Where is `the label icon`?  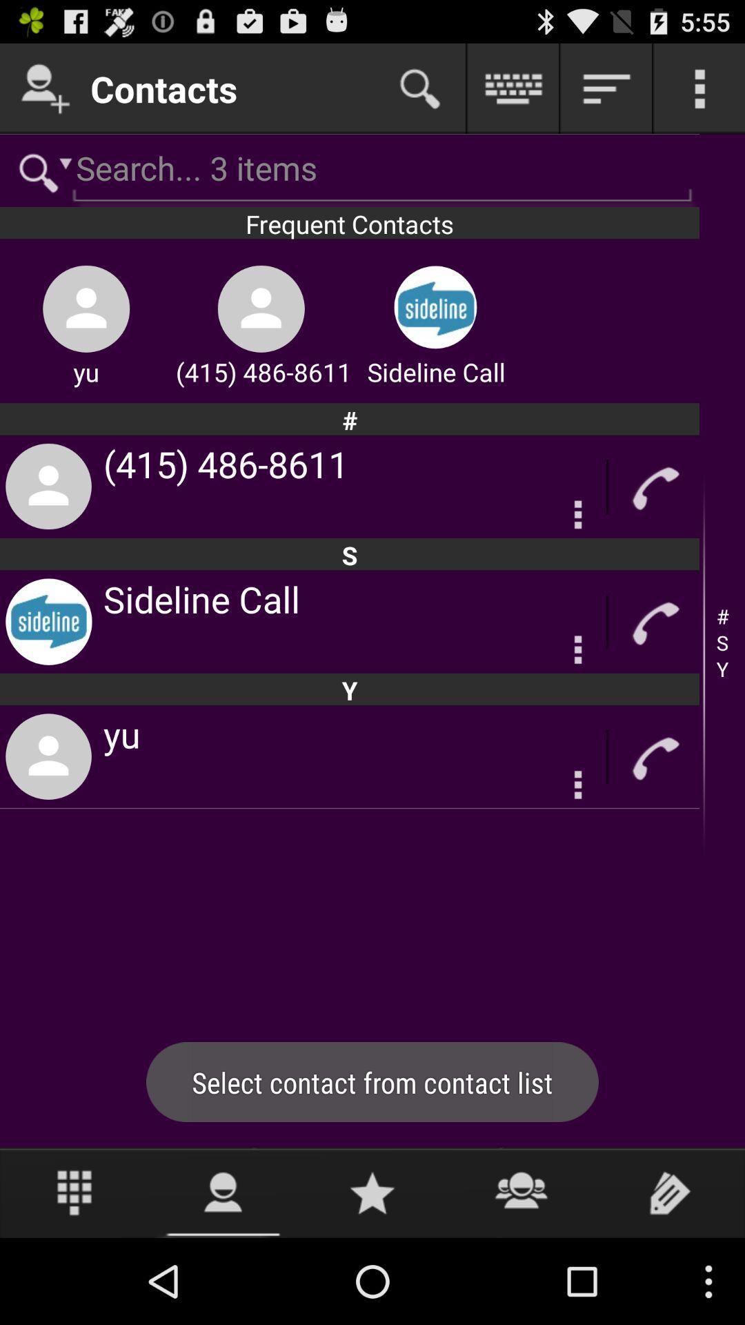
the label icon is located at coordinates (670, 1275).